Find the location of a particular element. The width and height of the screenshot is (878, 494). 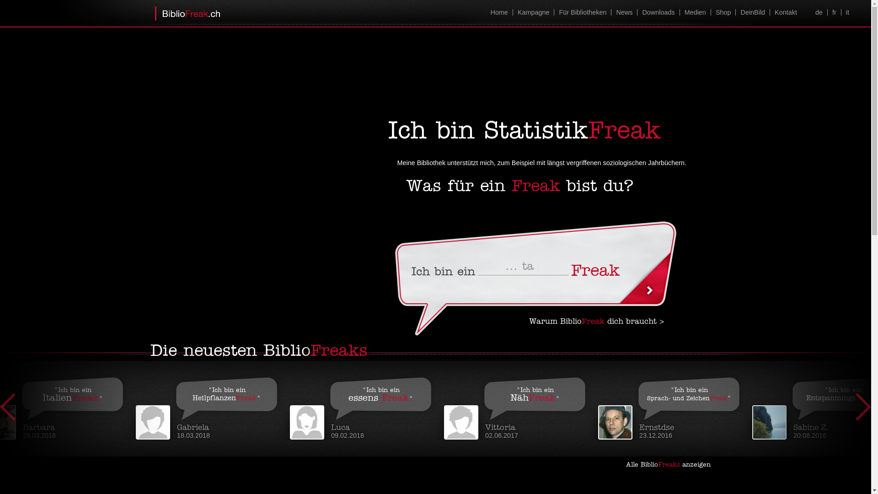

'fr' is located at coordinates (834, 12).